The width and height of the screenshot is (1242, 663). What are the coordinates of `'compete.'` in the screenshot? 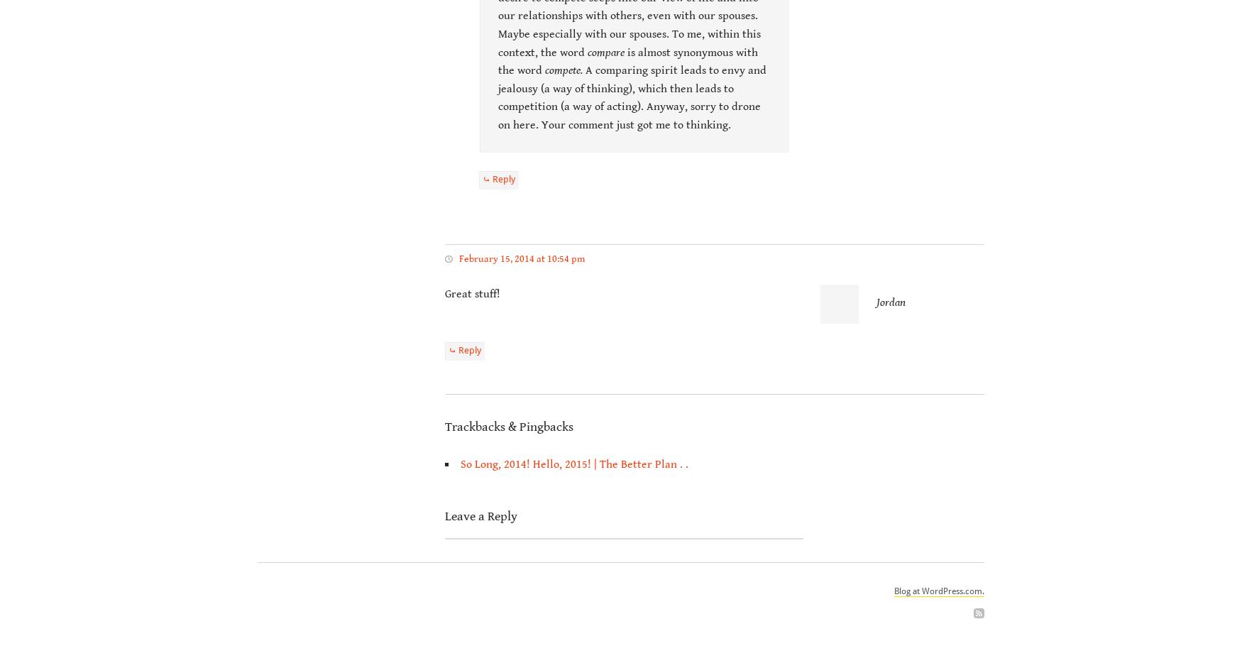 It's located at (562, 70).